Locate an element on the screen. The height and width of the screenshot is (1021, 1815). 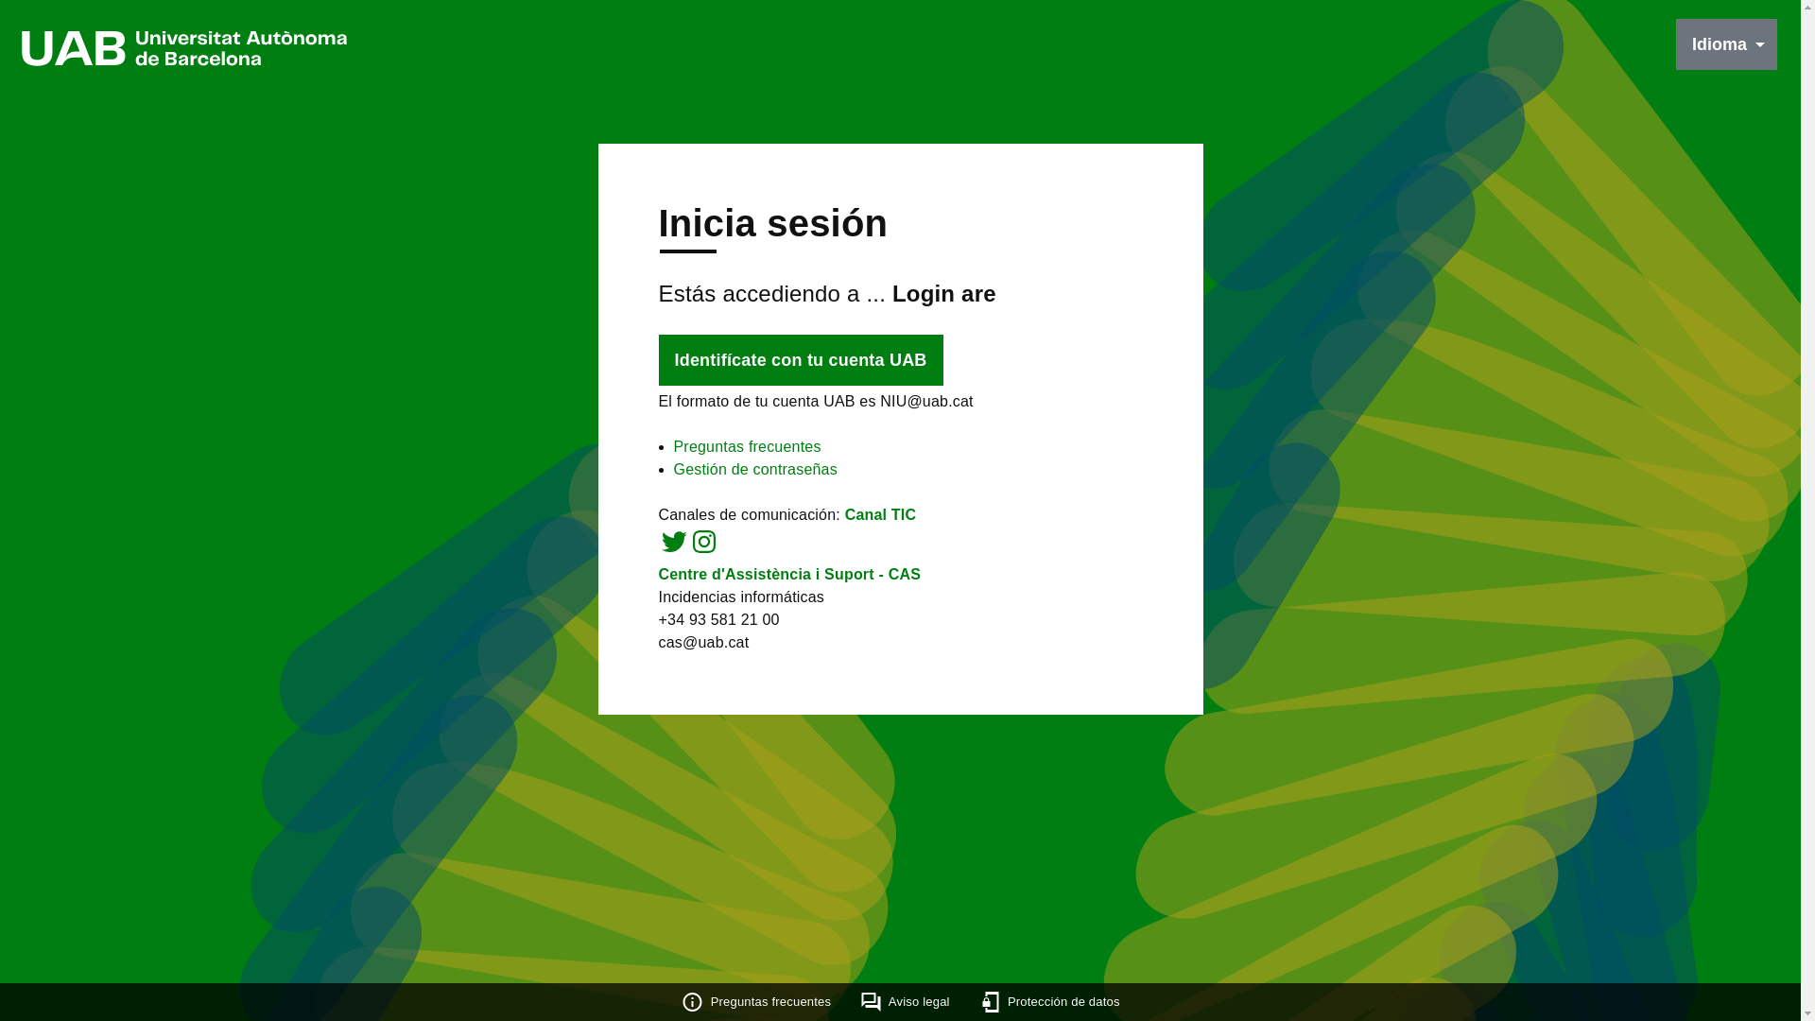
'Preguntas frecuentes' is located at coordinates (746, 446).